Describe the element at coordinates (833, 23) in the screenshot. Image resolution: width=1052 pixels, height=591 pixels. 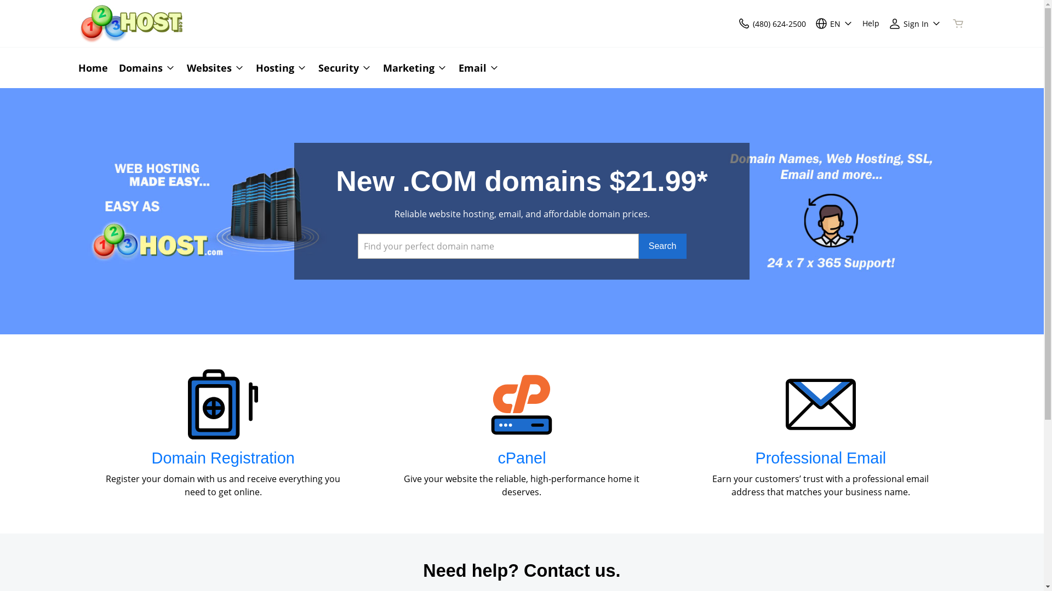
I see `'EN'` at that location.